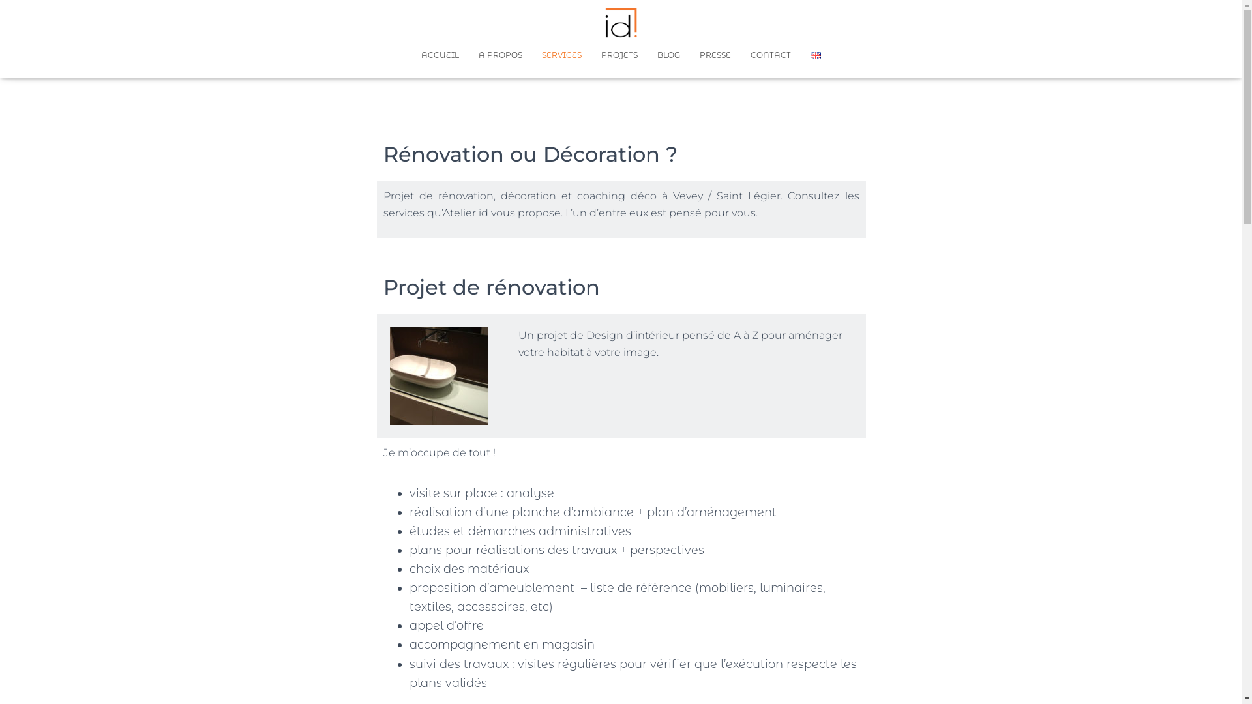 The width and height of the screenshot is (1252, 704). Describe the element at coordinates (668, 54) in the screenshot. I see `'BLOG'` at that location.